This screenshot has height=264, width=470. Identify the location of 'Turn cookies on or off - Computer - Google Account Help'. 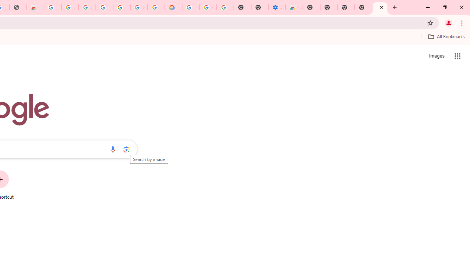
(225, 7).